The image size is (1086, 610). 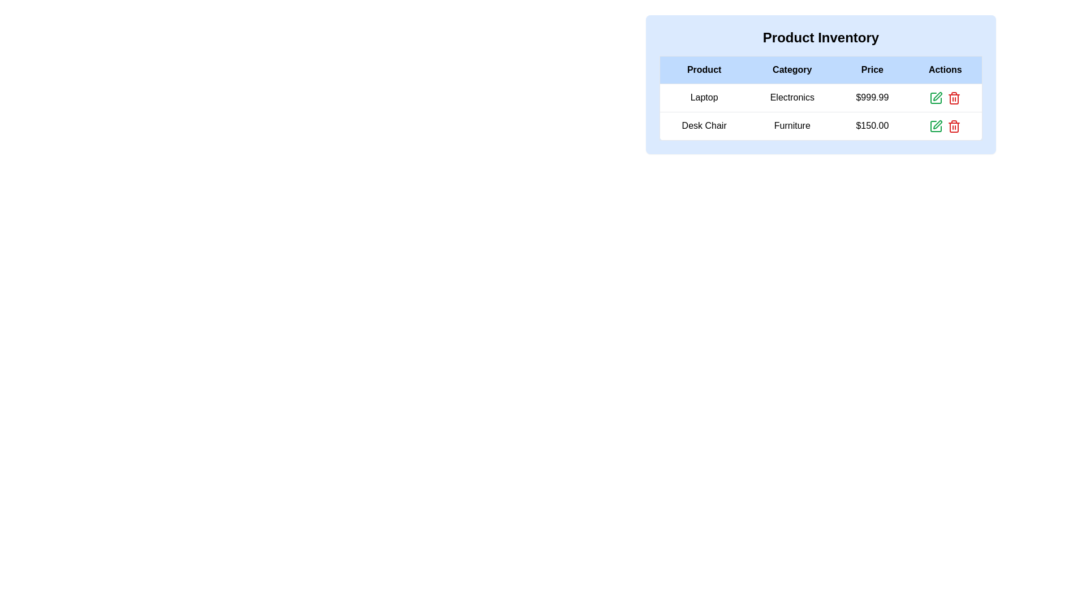 I want to click on the Edit button located in the 'Actions' column of the second row in the table layout, so click(x=936, y=97).